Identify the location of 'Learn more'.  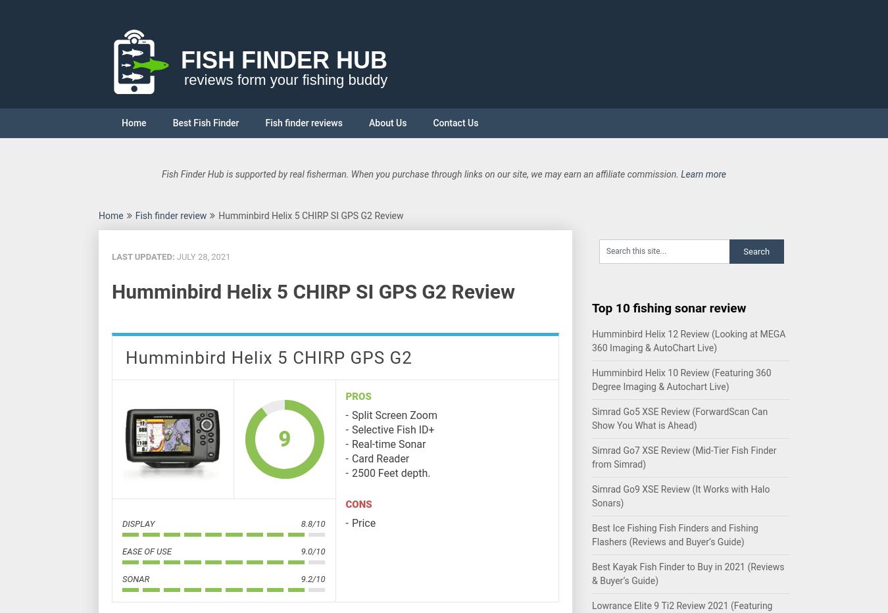
(703, 173).